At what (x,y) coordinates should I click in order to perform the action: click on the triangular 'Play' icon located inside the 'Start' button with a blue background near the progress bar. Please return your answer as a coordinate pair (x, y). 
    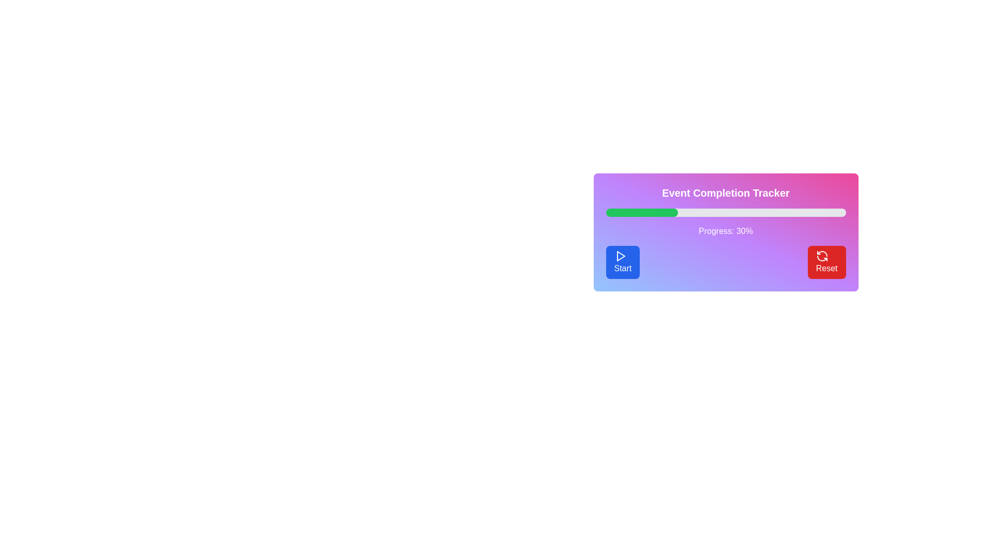
    Looking at the image, I should click on (621, 256).